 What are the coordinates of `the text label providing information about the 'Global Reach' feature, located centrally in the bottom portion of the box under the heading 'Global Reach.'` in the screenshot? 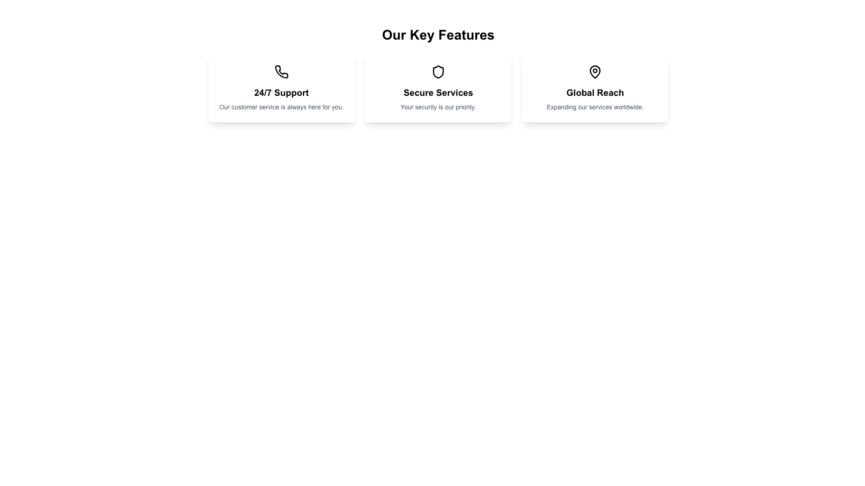 It's located at (595, 107).